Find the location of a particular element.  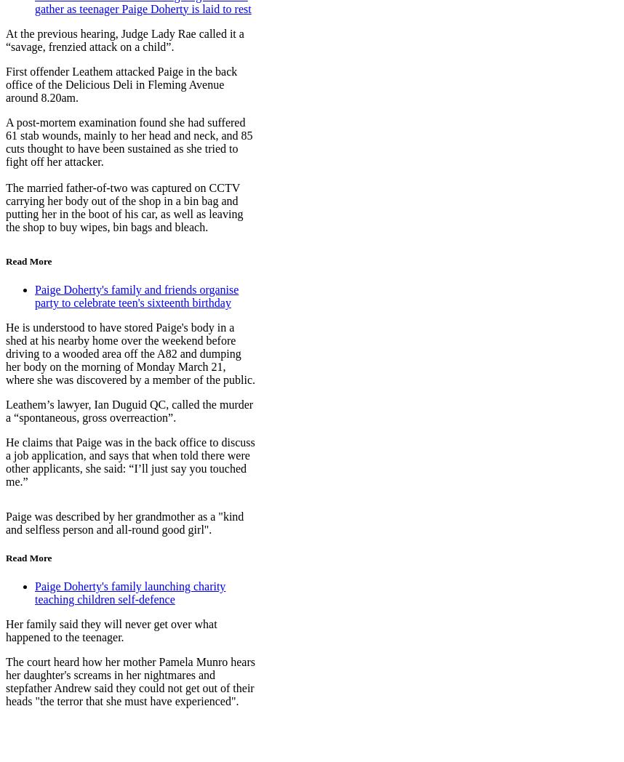

'First offender Leathem attacked Paige in the back office of the Delicious Deli in Fleming Avenue around 8.20am.' is located at coordinates (120, 83).